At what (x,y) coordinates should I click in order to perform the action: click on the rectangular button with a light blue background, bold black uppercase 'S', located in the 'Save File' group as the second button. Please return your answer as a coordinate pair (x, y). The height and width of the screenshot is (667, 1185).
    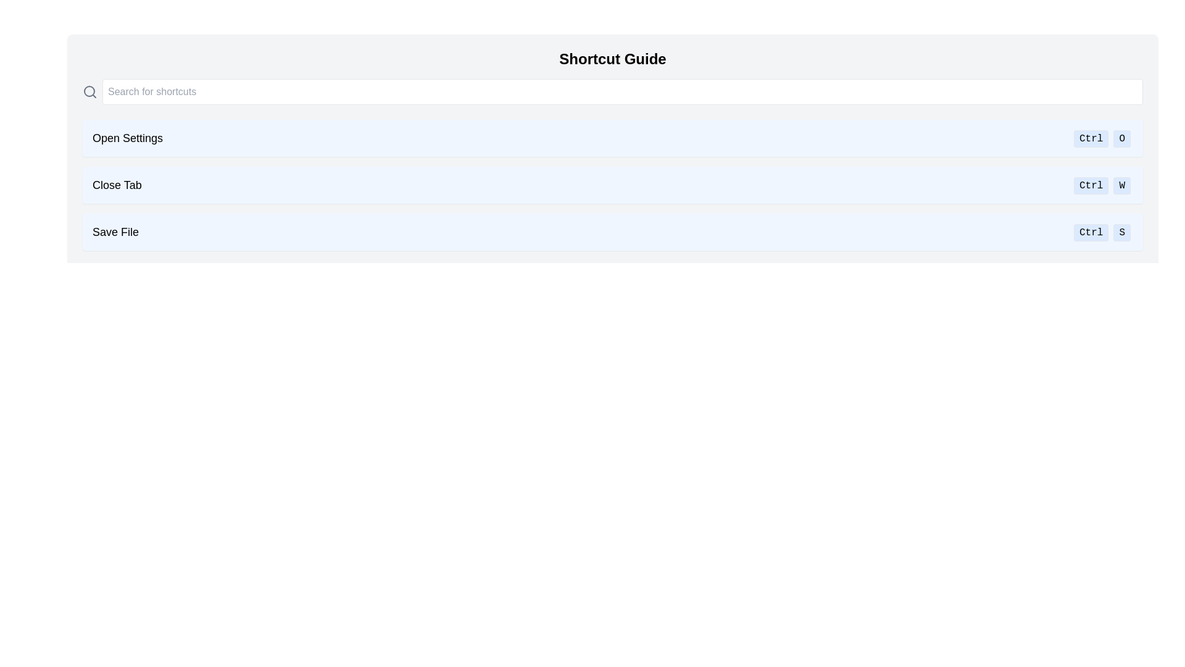
    Looking at the image, I should click on (1122, 232).